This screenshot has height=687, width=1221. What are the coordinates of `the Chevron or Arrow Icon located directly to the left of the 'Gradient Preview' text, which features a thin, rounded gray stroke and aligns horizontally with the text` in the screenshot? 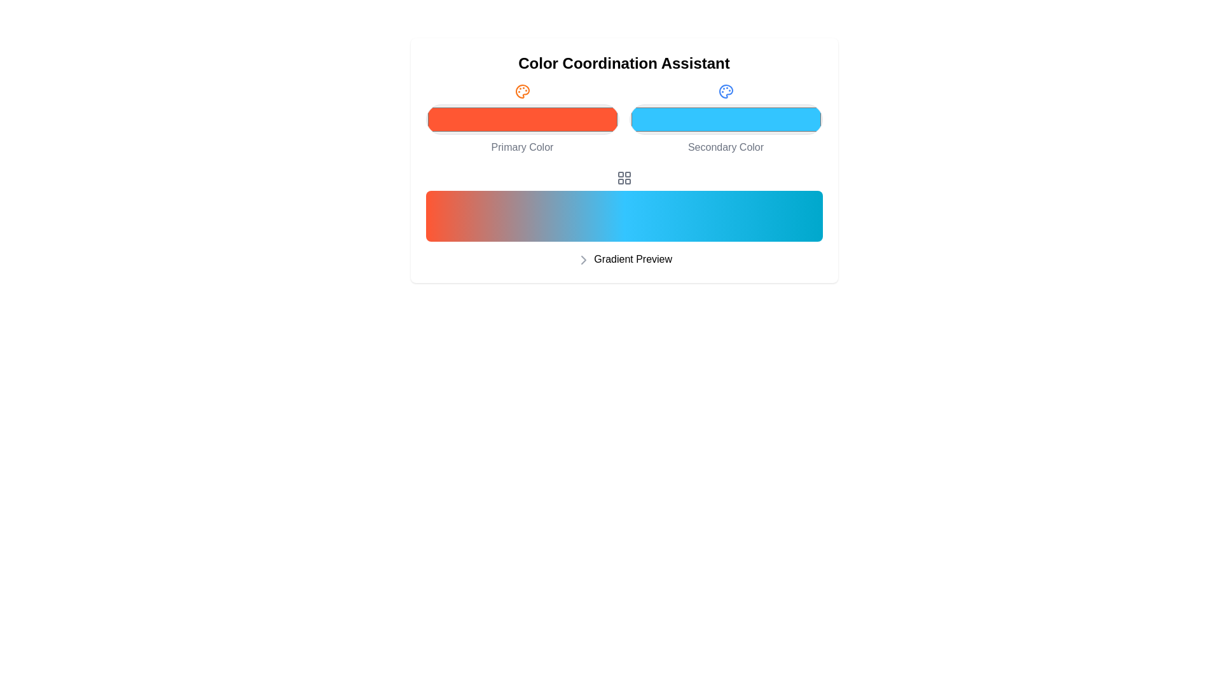 It's located at (583, 259).